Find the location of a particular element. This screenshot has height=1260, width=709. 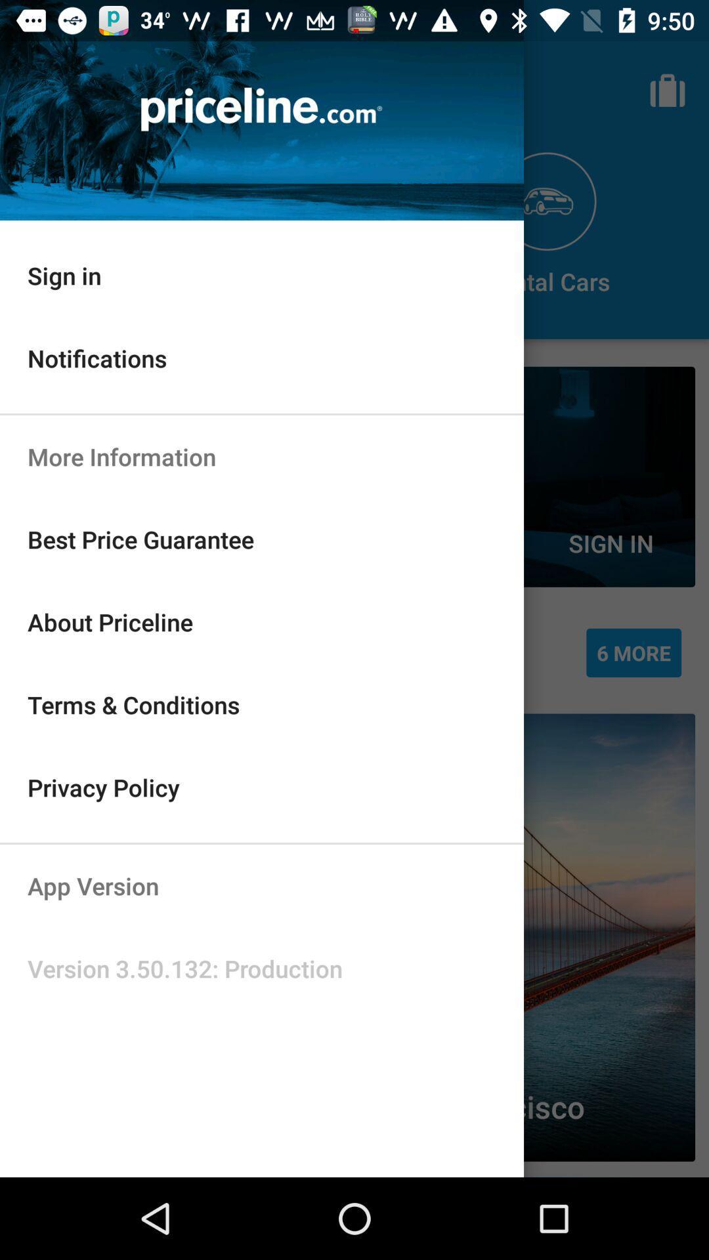

the option with car image is located at coordinates (547, 224).